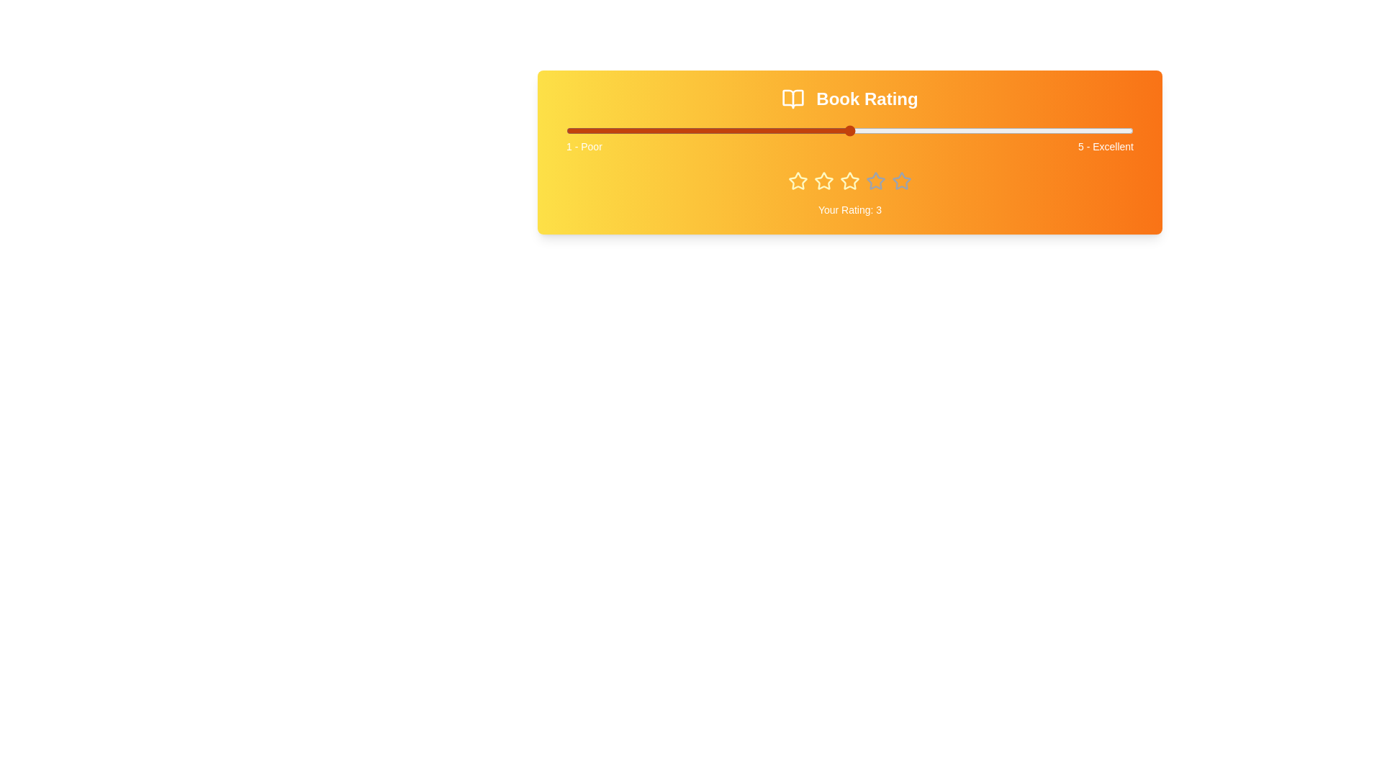 The width and height of the screenshot is (1382, 777). Describe the element at coordinates (849, 210) in the screenshot. I see `the text label displaying 'Your Rating: 3', which is located towards the bottom center of the highlighted rating section, below the star icons and surrounded by a yellow to orange gradient background` at that location.